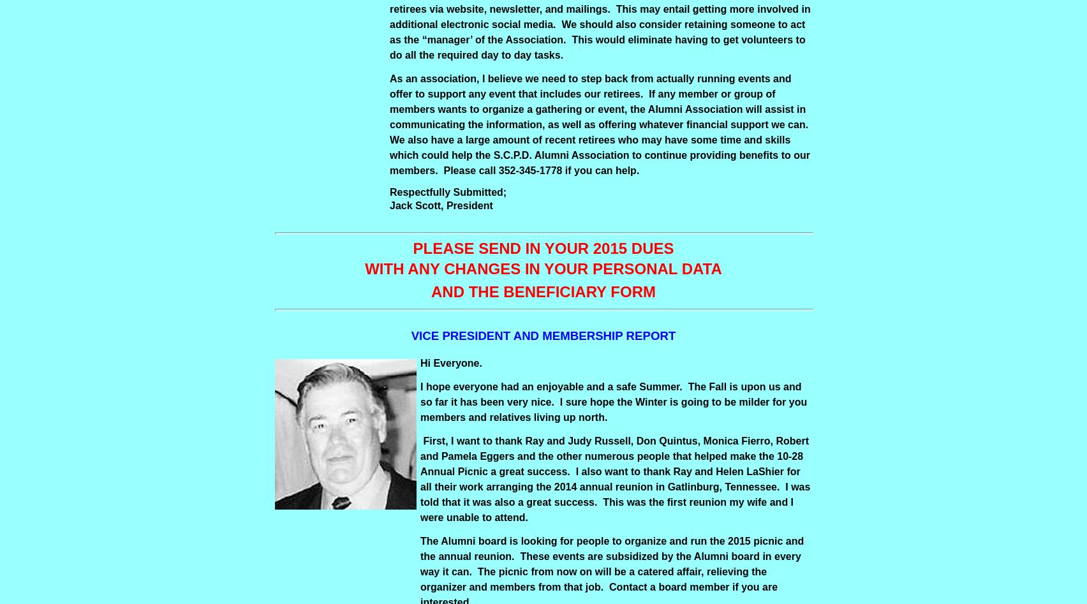  I want to click on 'support
we can.  We also have a large amount of recent retirees who may
have some time and skills which could help the S.C.P.D. Alumni
Association to continue providing benefits to our members.  Please
call', so click(600, 147).